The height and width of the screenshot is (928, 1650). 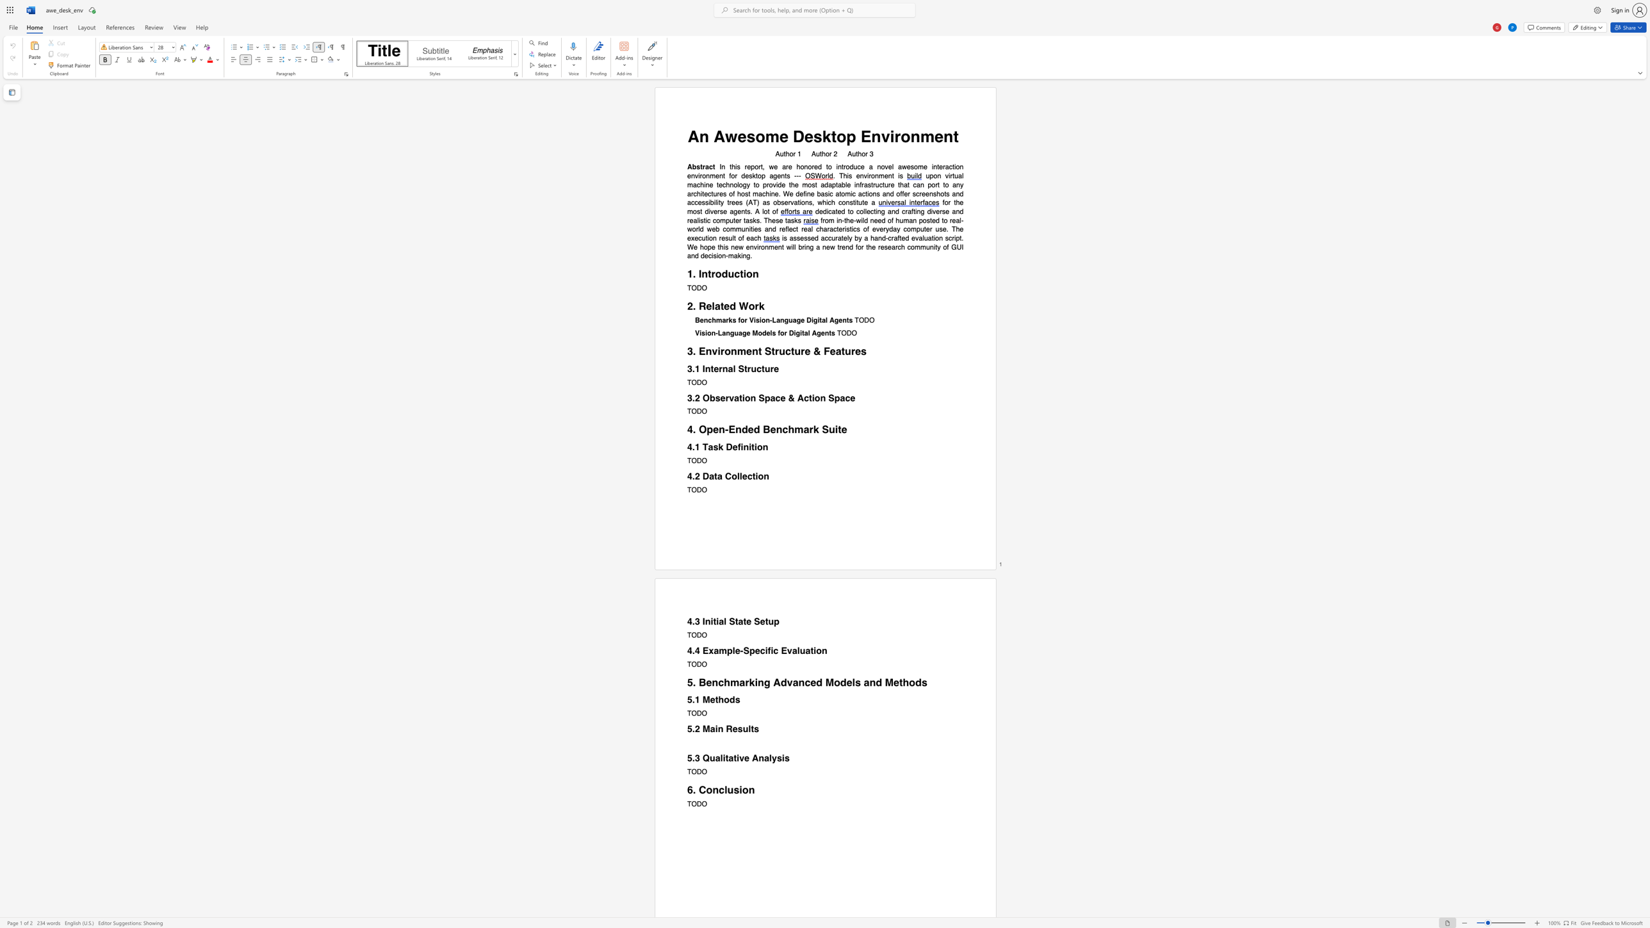 What do you see at coordinates (742, 728) in the screenshot?
I see `the subset text "ults" within the text "5.2 Main Results"` at bounding box center [742, 728].